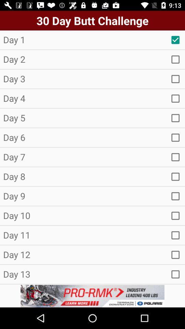  Describe the element at coordinates (175, 215) in the screenshot. I see `choose the option` at that location.